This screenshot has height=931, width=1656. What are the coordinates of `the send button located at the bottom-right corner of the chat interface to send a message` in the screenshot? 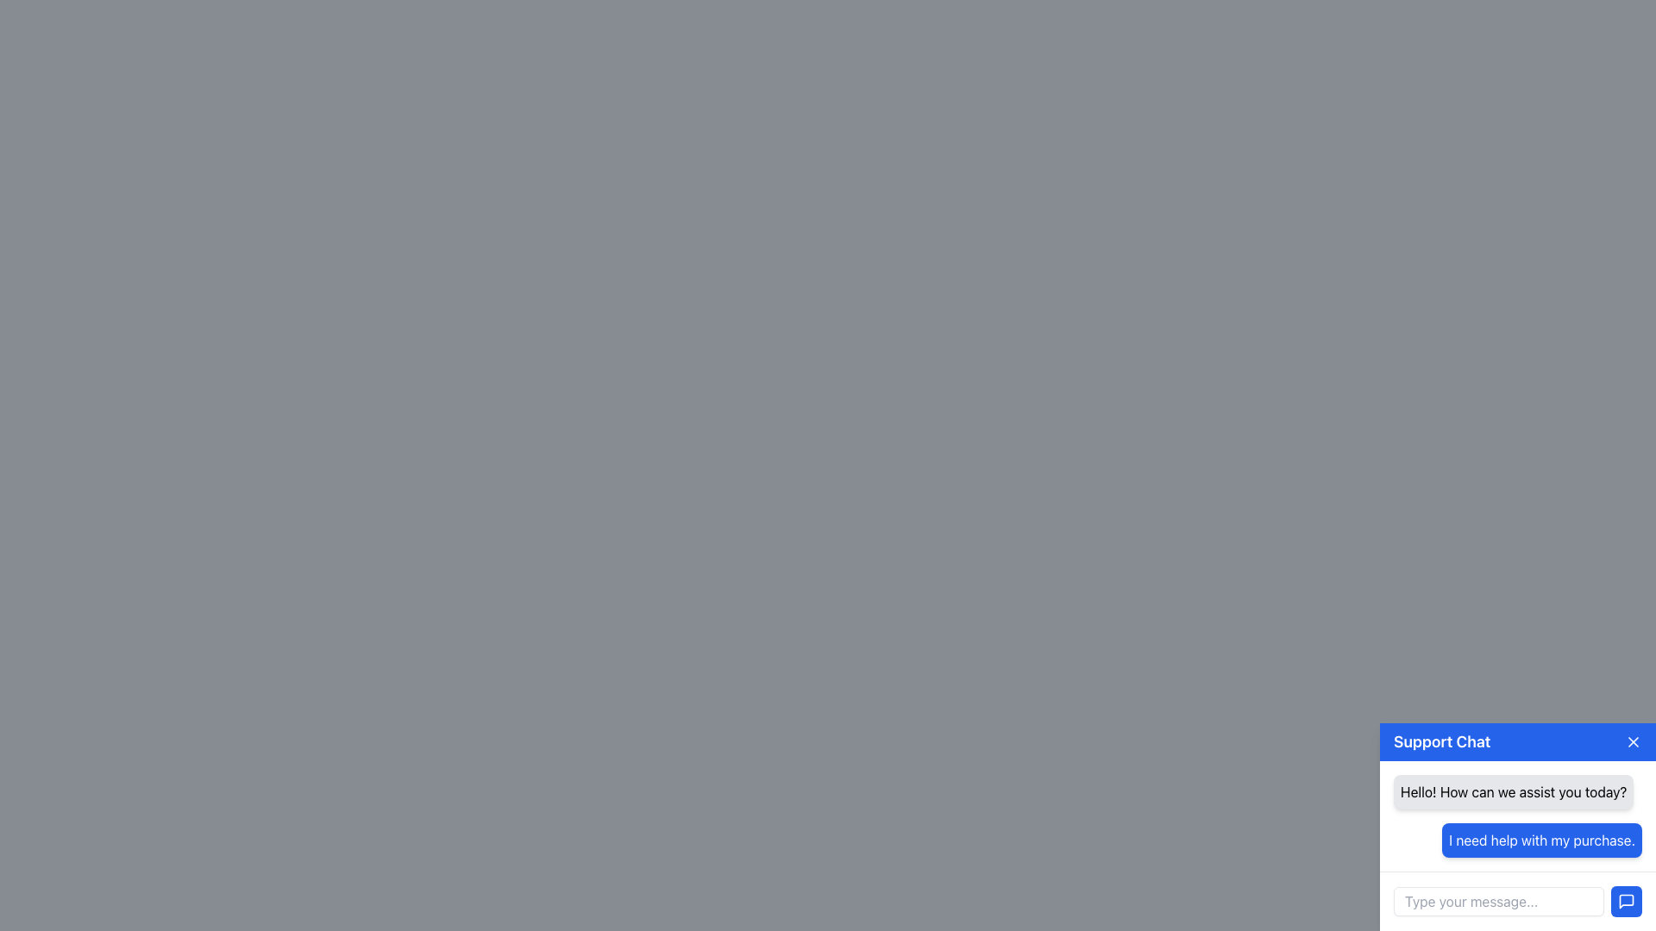 It's located at (1626, 900).